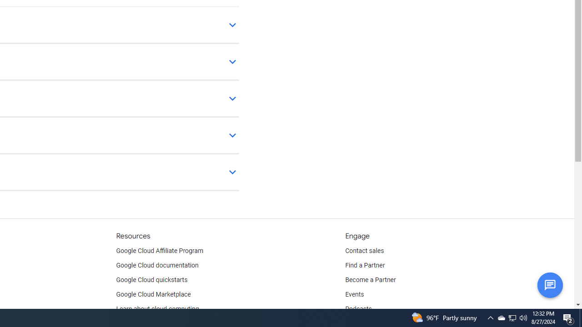 Image resolution: width=582 pixels, height=327 pixels. Describe the element at coordinates (354, 295) in the screenshot. I see `'Events'` at that location.